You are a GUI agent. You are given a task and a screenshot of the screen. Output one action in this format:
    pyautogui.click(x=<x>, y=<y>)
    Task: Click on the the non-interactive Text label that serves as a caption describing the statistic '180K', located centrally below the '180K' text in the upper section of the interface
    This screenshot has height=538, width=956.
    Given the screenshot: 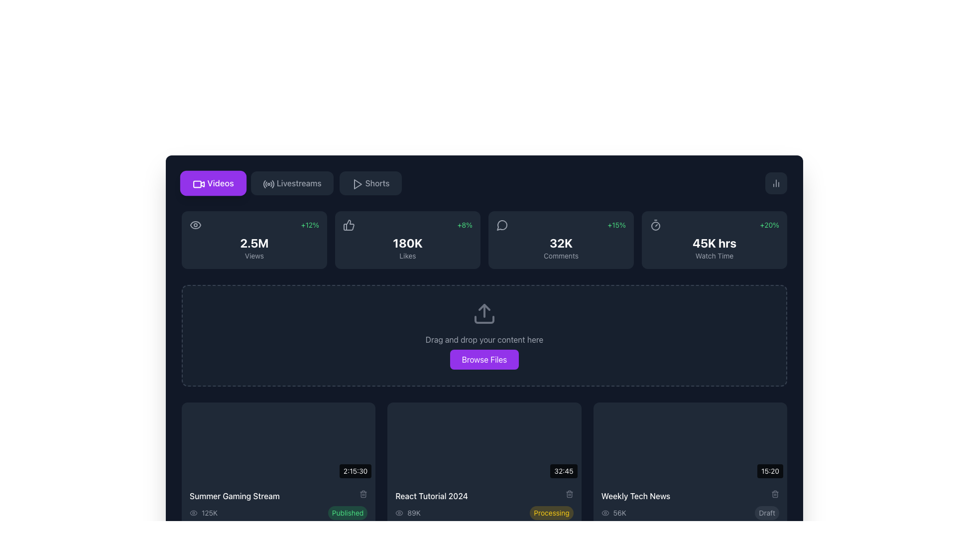 What is the action you would take?
    pyautogui.click(x=408, y=255)
    